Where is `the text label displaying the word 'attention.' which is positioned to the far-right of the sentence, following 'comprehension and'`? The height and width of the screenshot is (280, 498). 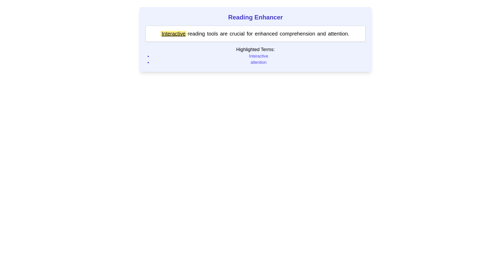
the text label displaying the word 'attention.' which is positioned to the far-right of the sentence, following 'comprehension and' is located at coordinates (338, 34).